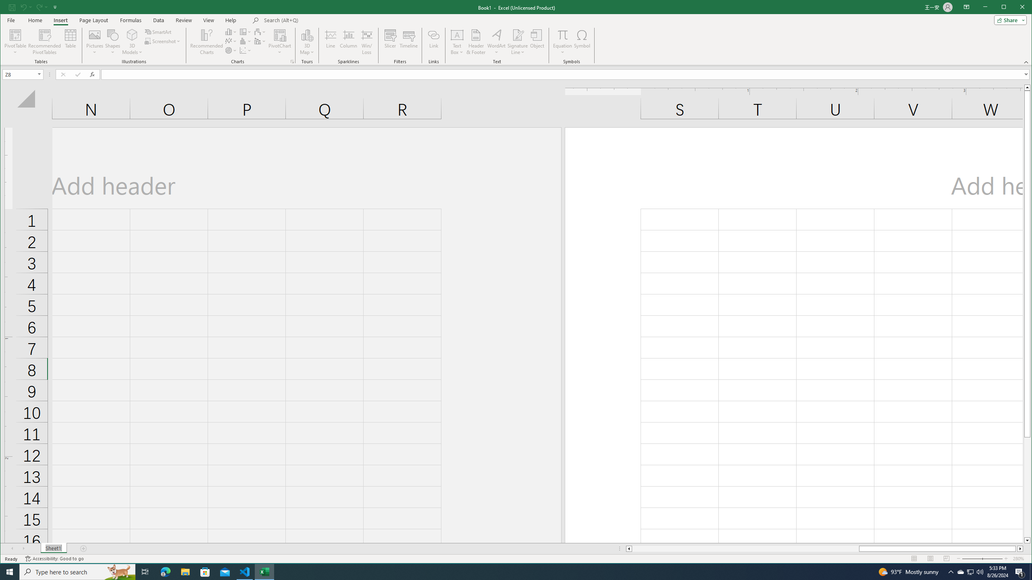 Image resolution: width=1032 pixels, height=580 pixels. I want to click on 'Q2790: 100%', so click(979, 571).